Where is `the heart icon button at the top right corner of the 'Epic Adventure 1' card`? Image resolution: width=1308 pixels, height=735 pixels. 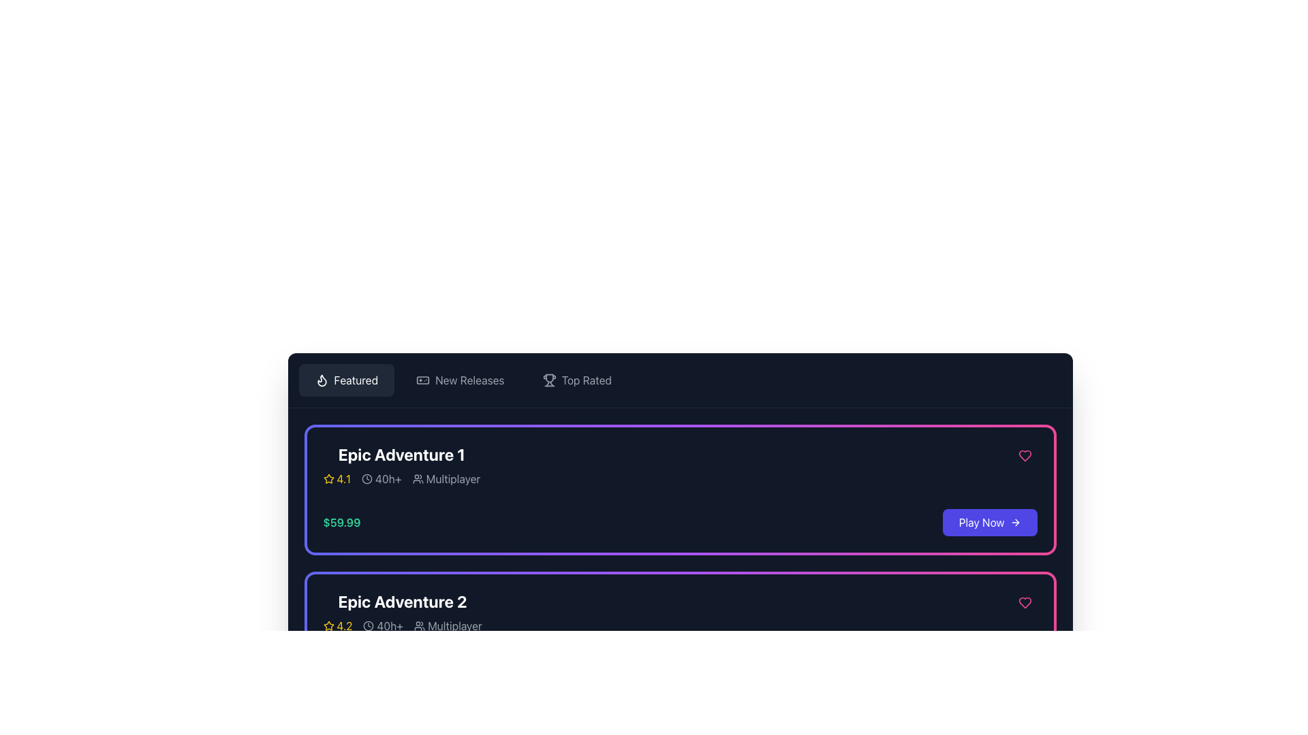
the heart icon button at the top right corner of the 'Epic Adventure 1' card is located at coordinates (1025, 602).